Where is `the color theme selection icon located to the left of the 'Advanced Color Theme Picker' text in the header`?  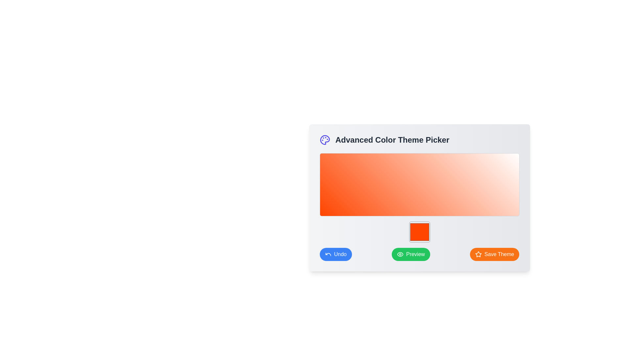
the color theme selection icon located to the left of the 'Advanced Color Theme Picker' text in the header is located at coordinates (325, 139).